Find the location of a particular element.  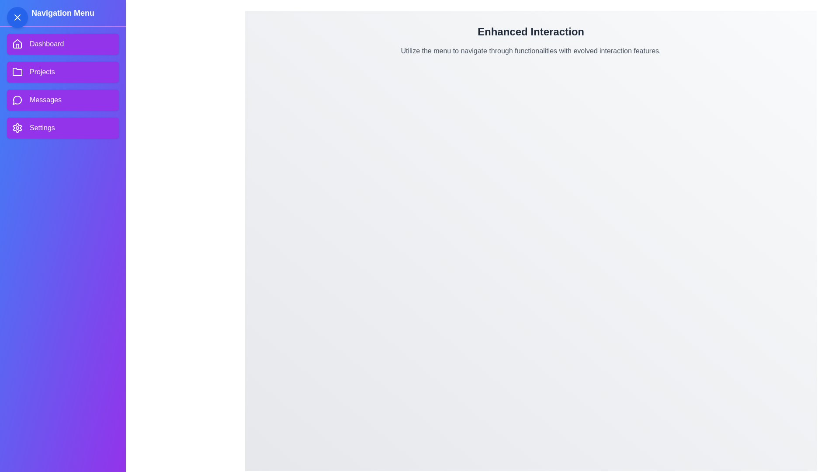

the Dashboard menu item in the navigation drawer is located at coordinates (62, 44).